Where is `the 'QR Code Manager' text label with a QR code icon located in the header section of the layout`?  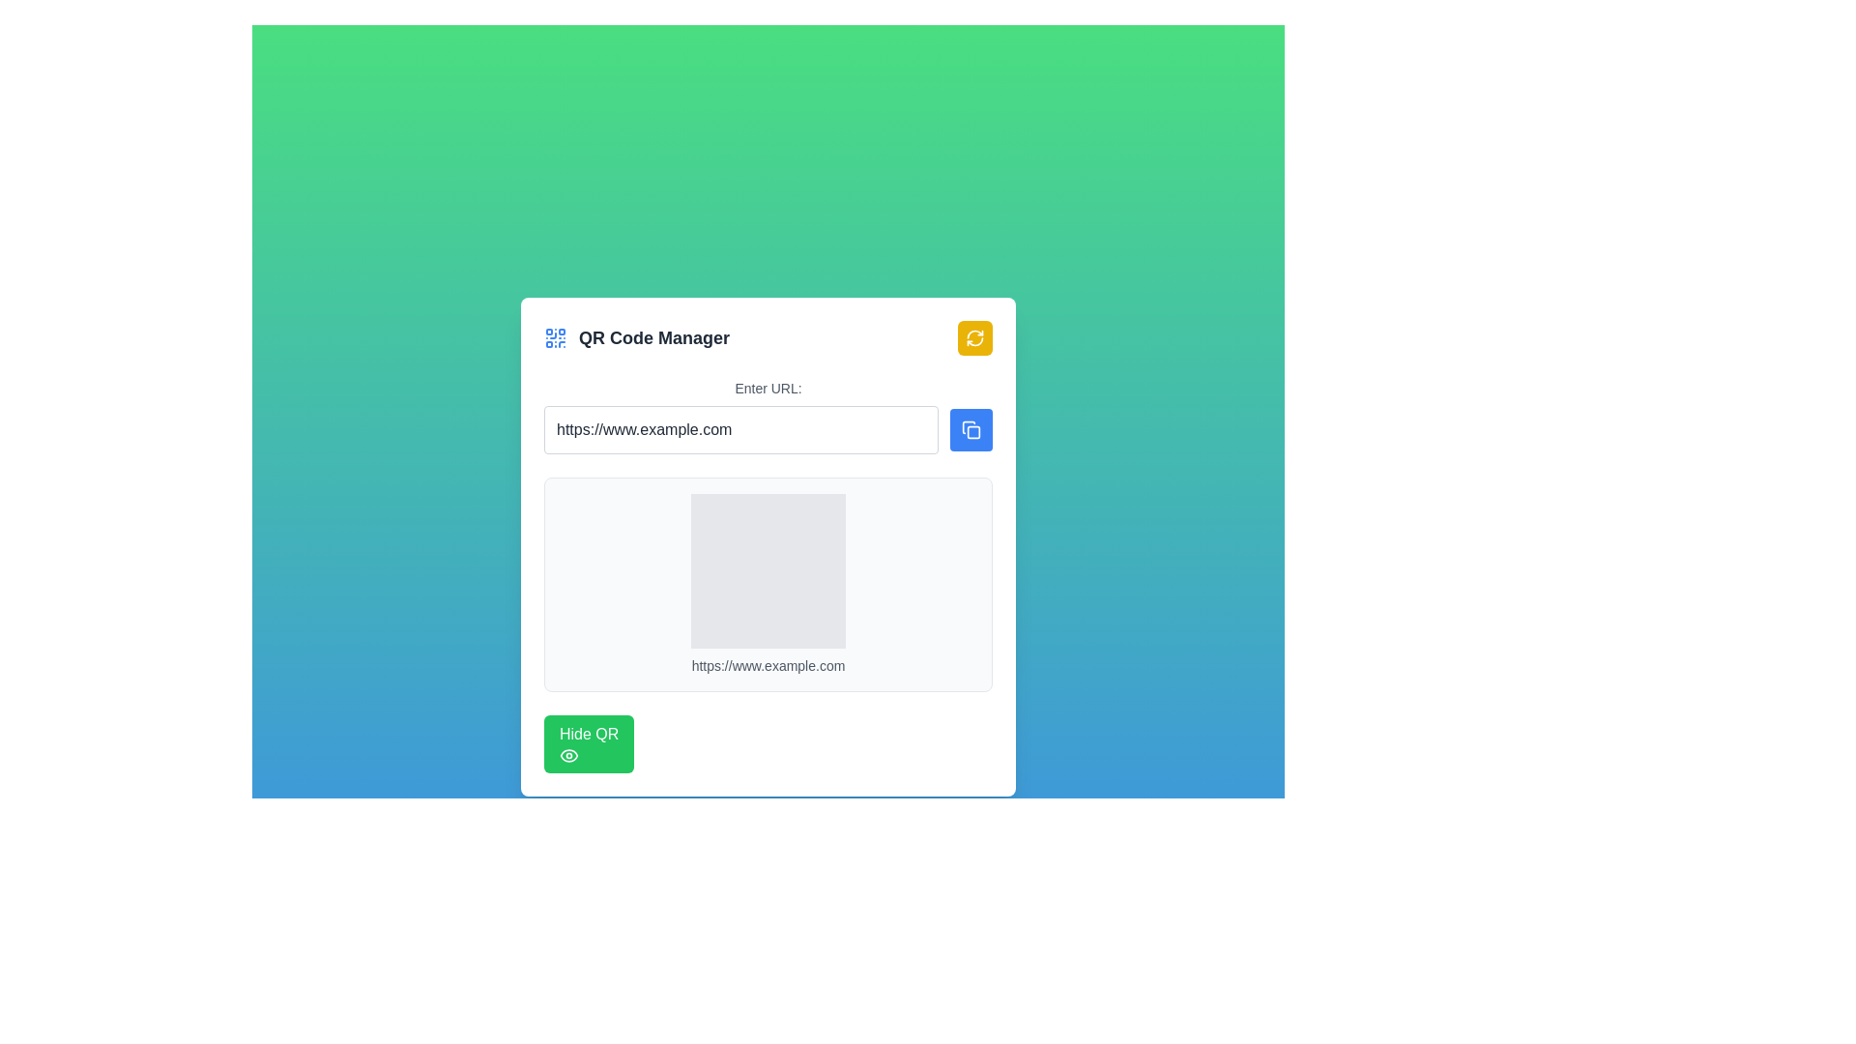 the 'QR Code Manager' text label with a QR code icon located in the header section of the layout is located at coordinates (636, 337).